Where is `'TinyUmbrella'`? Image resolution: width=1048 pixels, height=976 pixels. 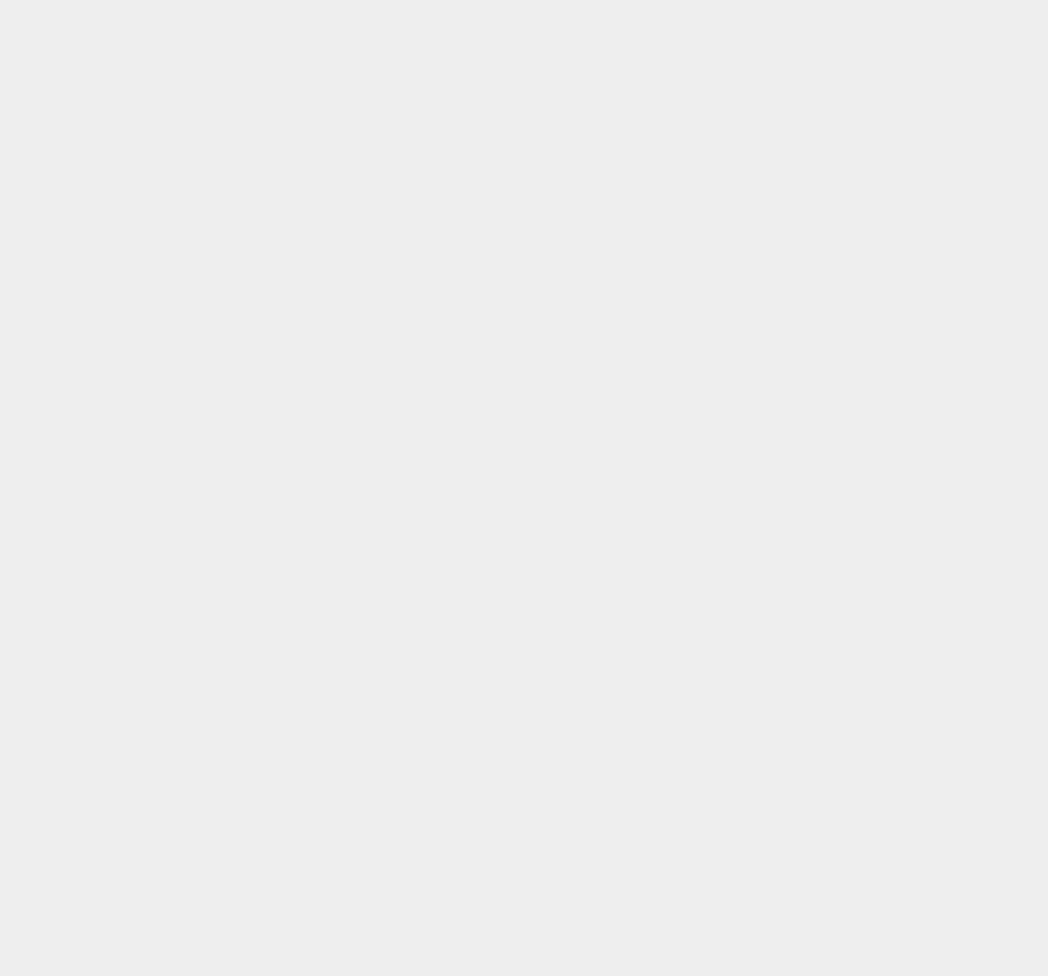
'TinyUmbrella' is located at coordinates (776, 844).